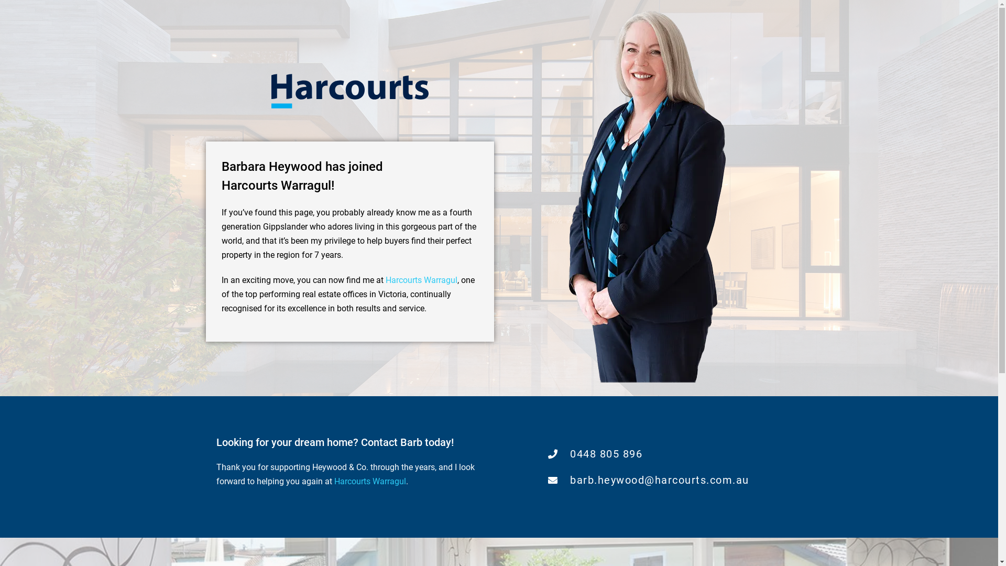 The height and width of the screenshot is (566, 1006). I want to click on 'Harcourts Warragul', so click(421, 279).